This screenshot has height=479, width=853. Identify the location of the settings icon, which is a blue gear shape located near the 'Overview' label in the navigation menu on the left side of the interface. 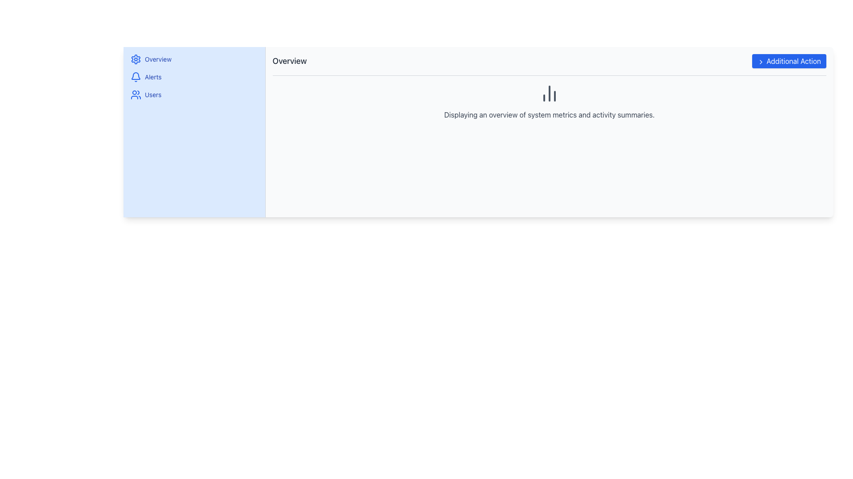
(136, 59).